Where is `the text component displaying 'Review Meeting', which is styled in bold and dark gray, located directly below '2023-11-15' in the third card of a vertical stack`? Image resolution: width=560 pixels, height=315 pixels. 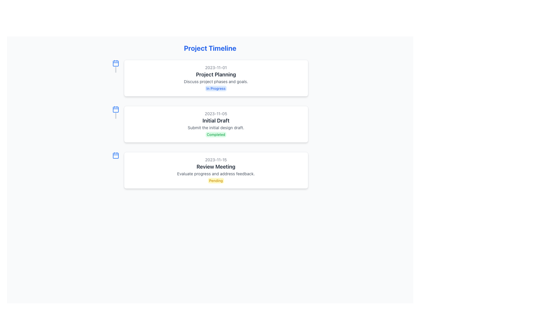
the text component displaying 'Review Meeting', which is styled in bold and dark gray, located directly below '2023-11-15' in the third card of a vertical stack is located at coordinates (216, 167).